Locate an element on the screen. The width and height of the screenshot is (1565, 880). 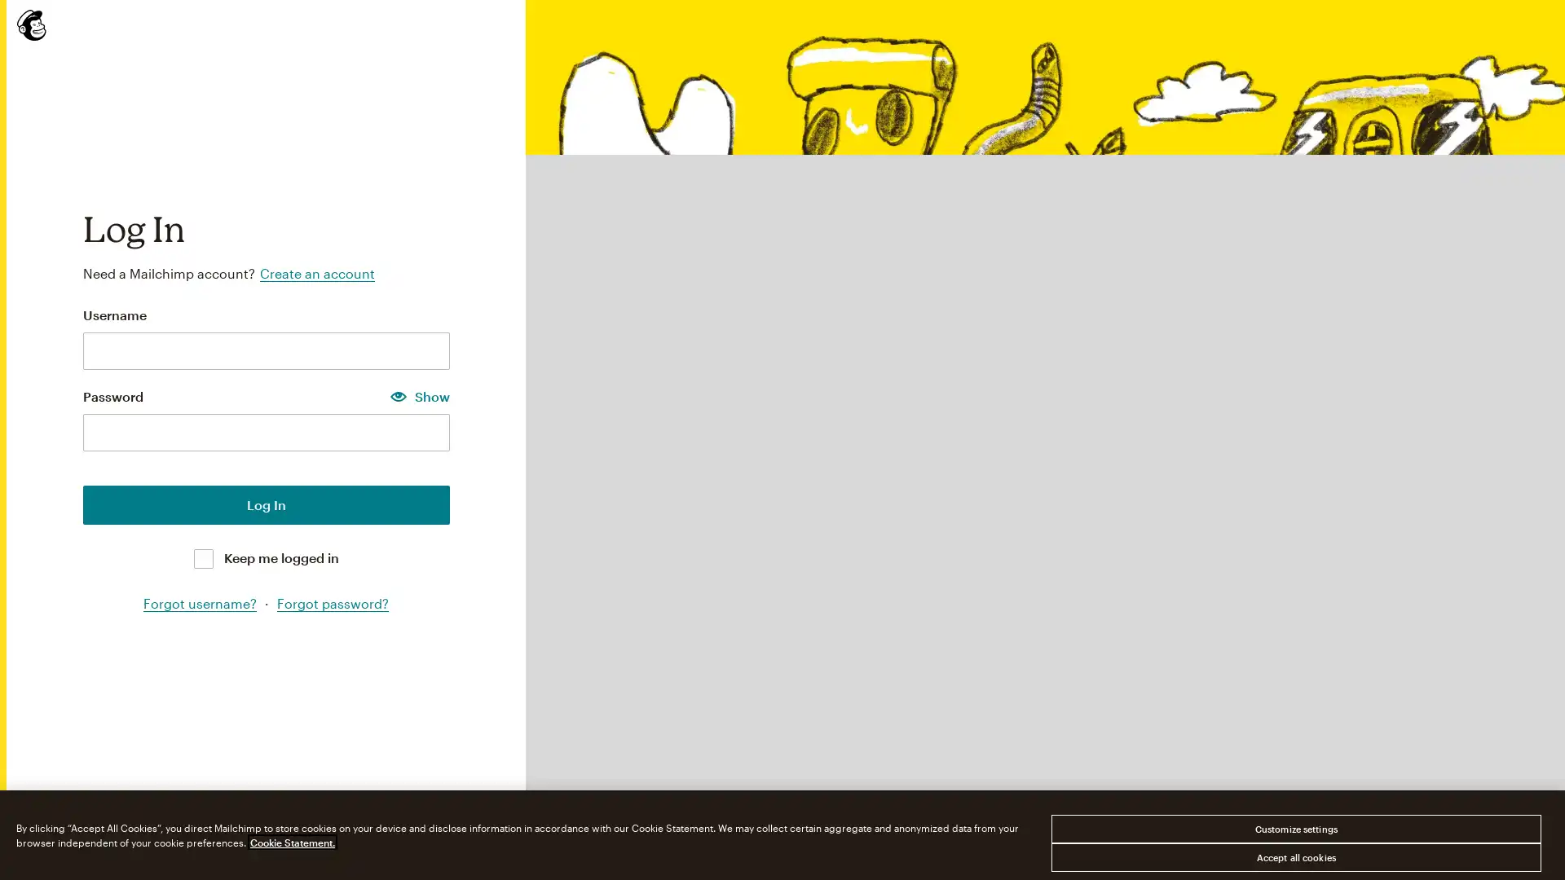
Customize settings is located at coordinates (1294, 829).